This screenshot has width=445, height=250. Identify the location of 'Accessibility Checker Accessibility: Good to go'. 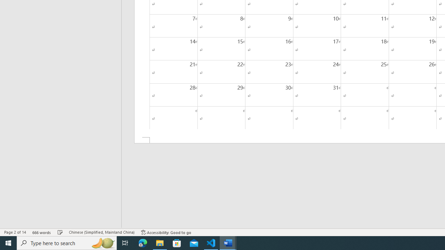
(166, 232).